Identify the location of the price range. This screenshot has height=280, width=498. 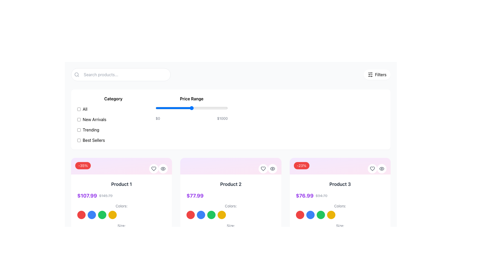
(216, 108).